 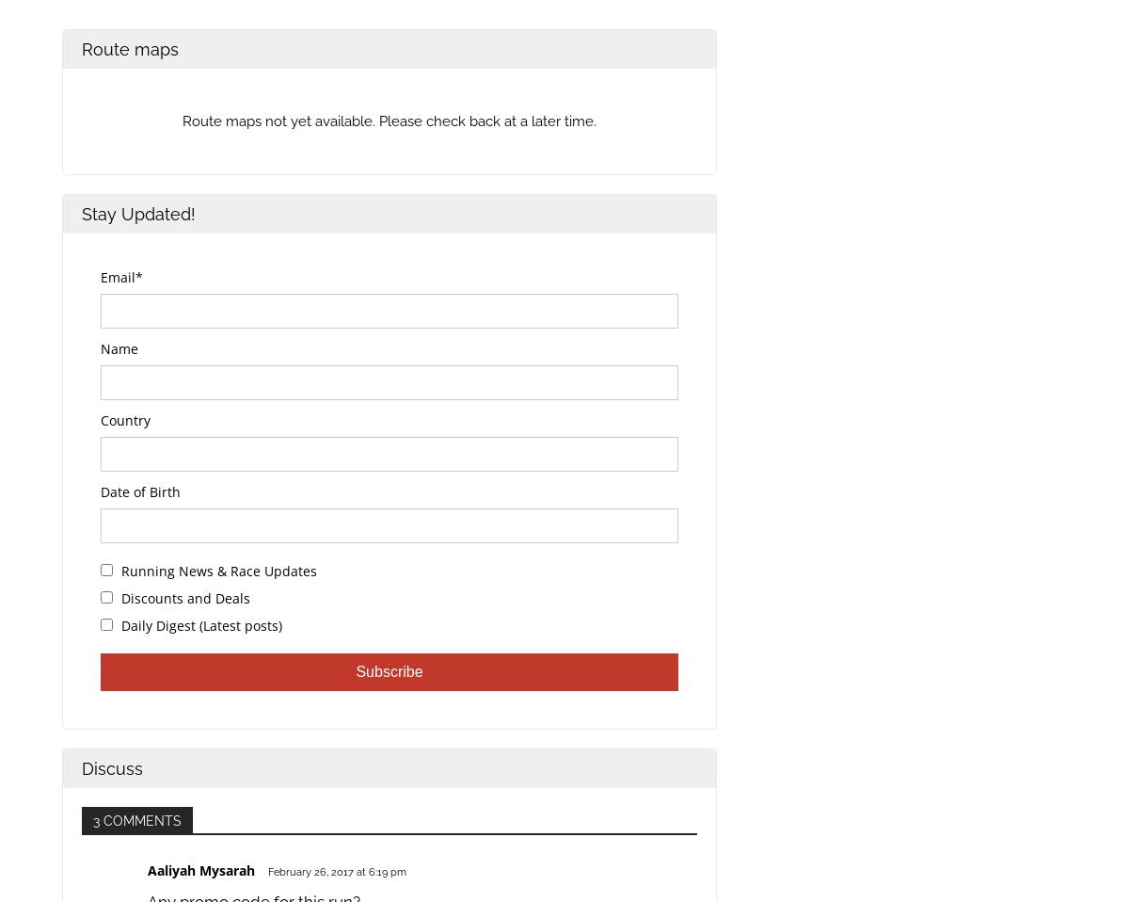 I want to click on 'Subscribe', so click(x=389, y=670).